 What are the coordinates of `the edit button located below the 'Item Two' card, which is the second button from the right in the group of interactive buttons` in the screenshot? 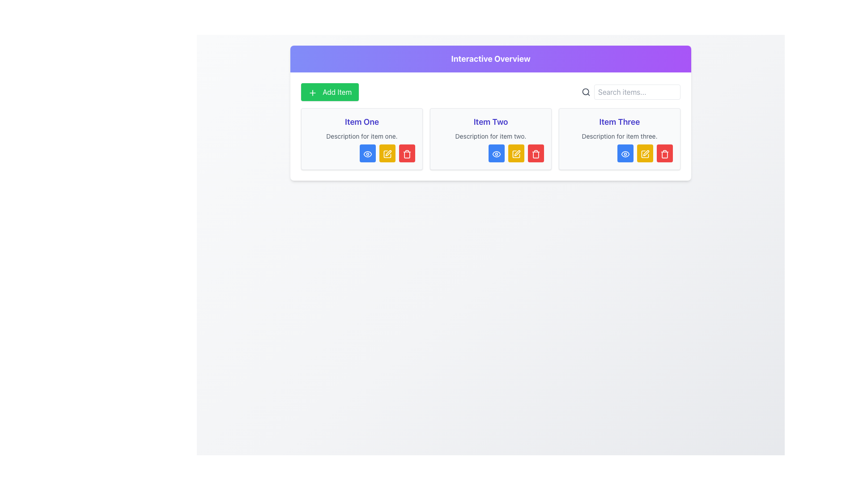 It's located at (516, 153).